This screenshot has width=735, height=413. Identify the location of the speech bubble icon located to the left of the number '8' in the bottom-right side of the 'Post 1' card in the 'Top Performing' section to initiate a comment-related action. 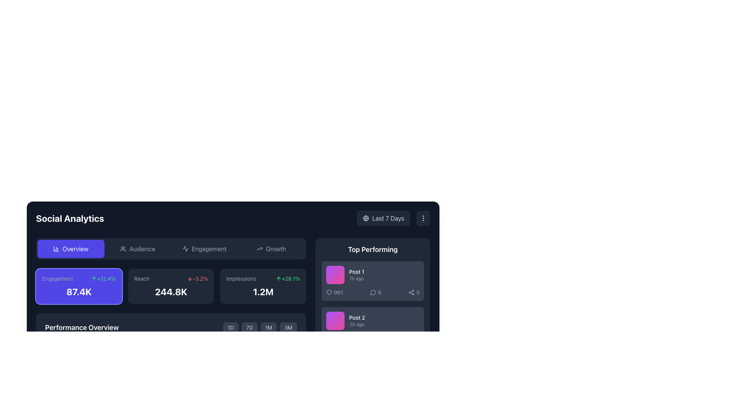
(373, 292).